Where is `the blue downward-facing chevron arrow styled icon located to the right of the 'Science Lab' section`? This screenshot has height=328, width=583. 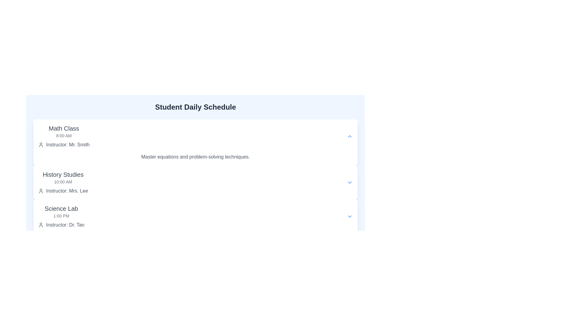
the blue downward-facing chevron arrow styled icon located to the right of the 'Science Lab' section is located at coordinates (350, 216).